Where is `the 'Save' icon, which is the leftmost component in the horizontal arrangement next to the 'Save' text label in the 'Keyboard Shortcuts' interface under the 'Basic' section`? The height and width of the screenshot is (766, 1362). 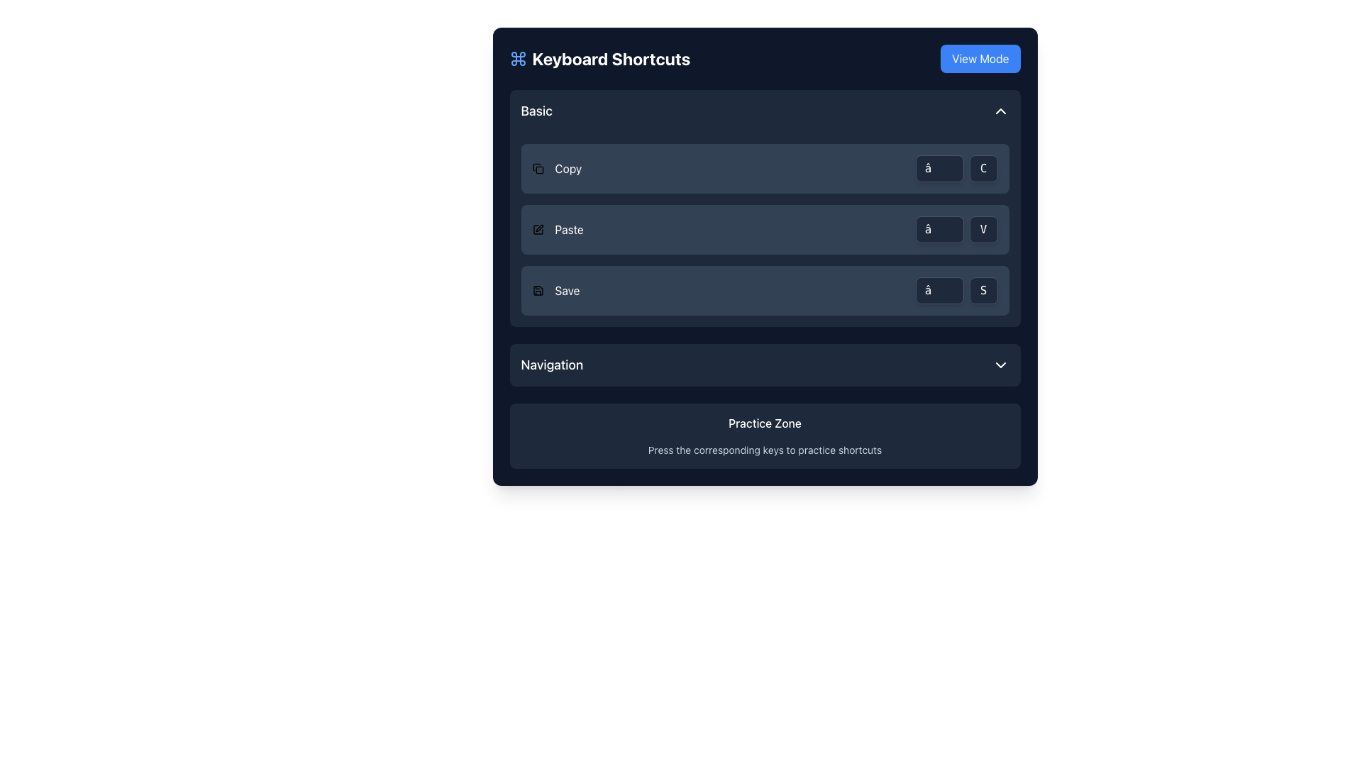 the 'Save' icon, which is the leftmost component in the horizontal arrangement next to the 'Save' text label in the 'Keyboard Shortcuts' interface under the 'Basic' section is located at coordinates (537, 289).